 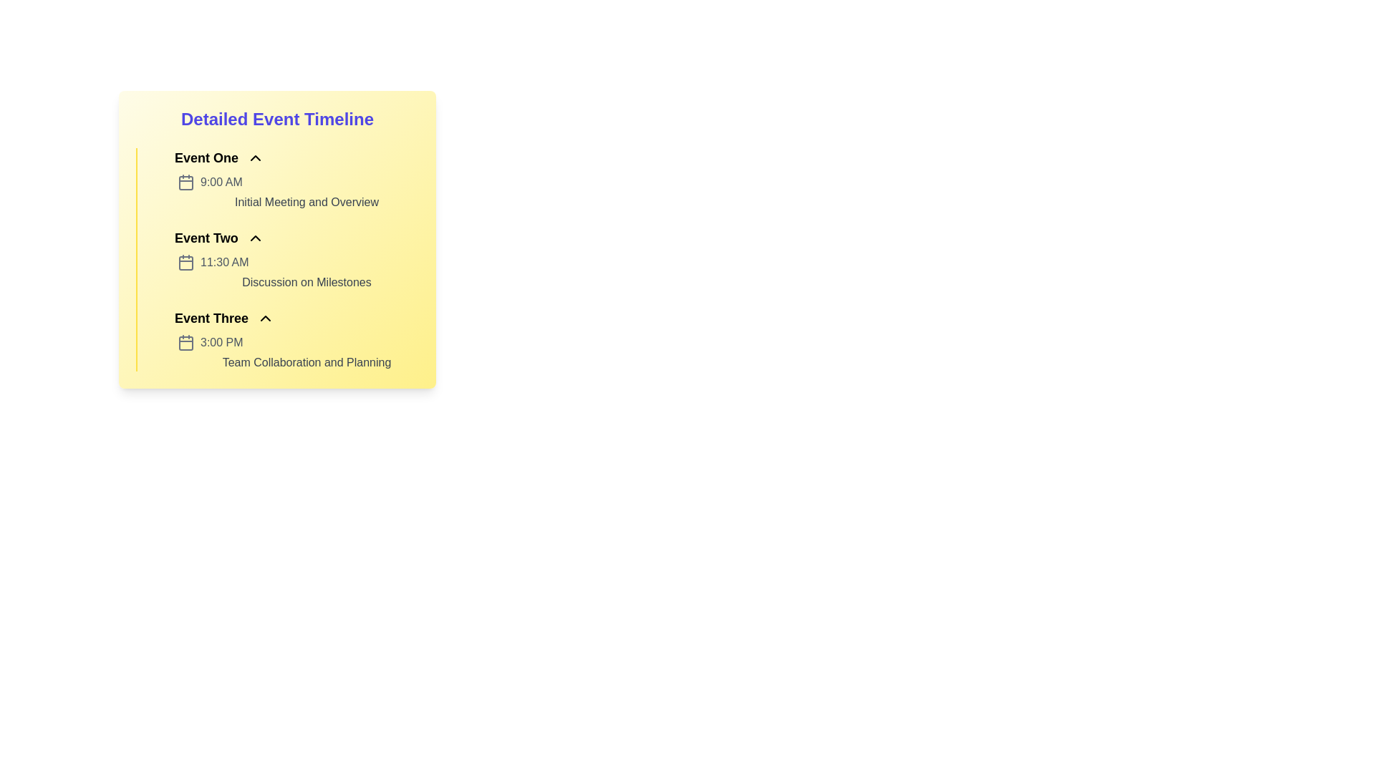 What do you see at coordinates (206, 157) in the screenshot?
I see `text content of the Text label that serves as the title for an event entry in the timeline, located below the heading 'Detailed Event Timeline'` at bounding box center [206, 157].